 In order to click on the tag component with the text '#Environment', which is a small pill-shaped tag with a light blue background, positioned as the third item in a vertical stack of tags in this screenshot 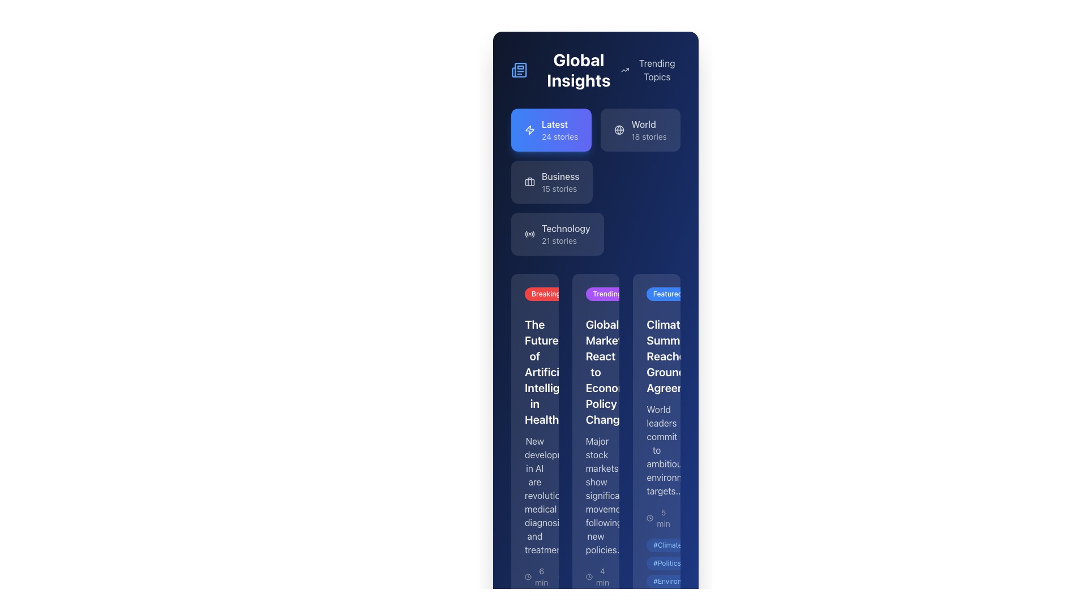, I will do `click(675, 582)`.